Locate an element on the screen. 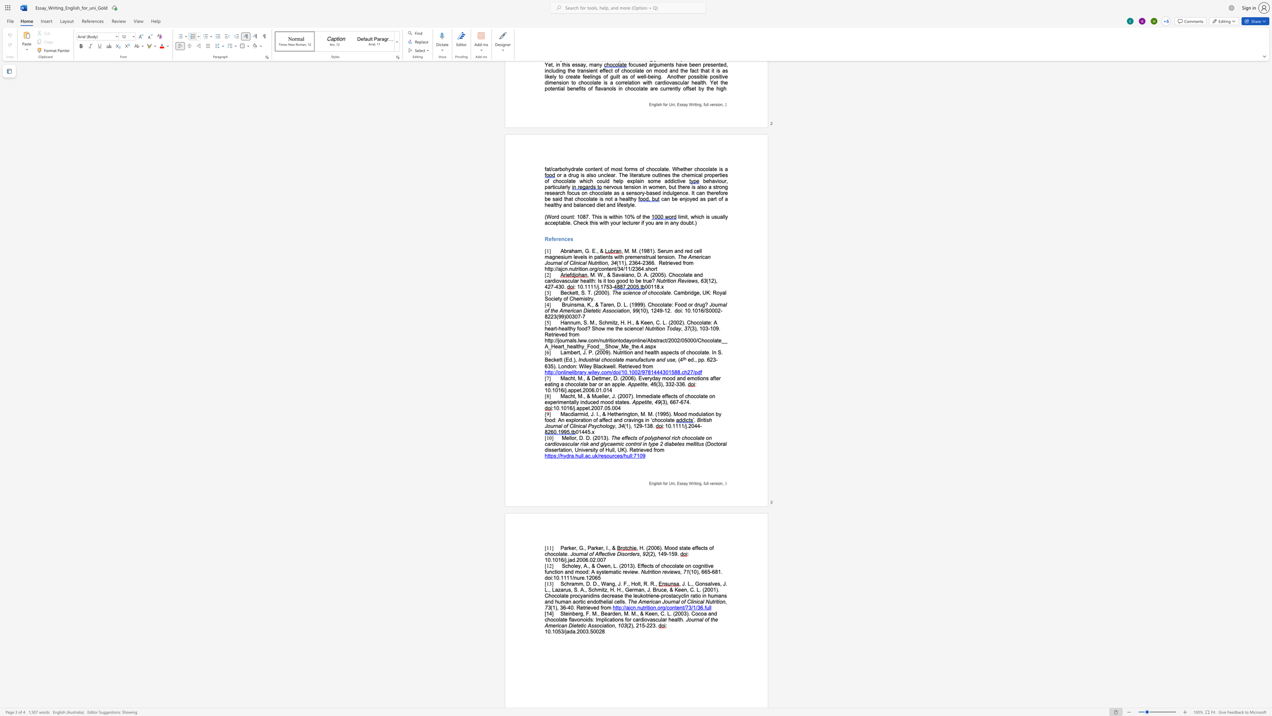  the space between the continuous character "M" and "e" in the text is located at coordinates (565, 437).